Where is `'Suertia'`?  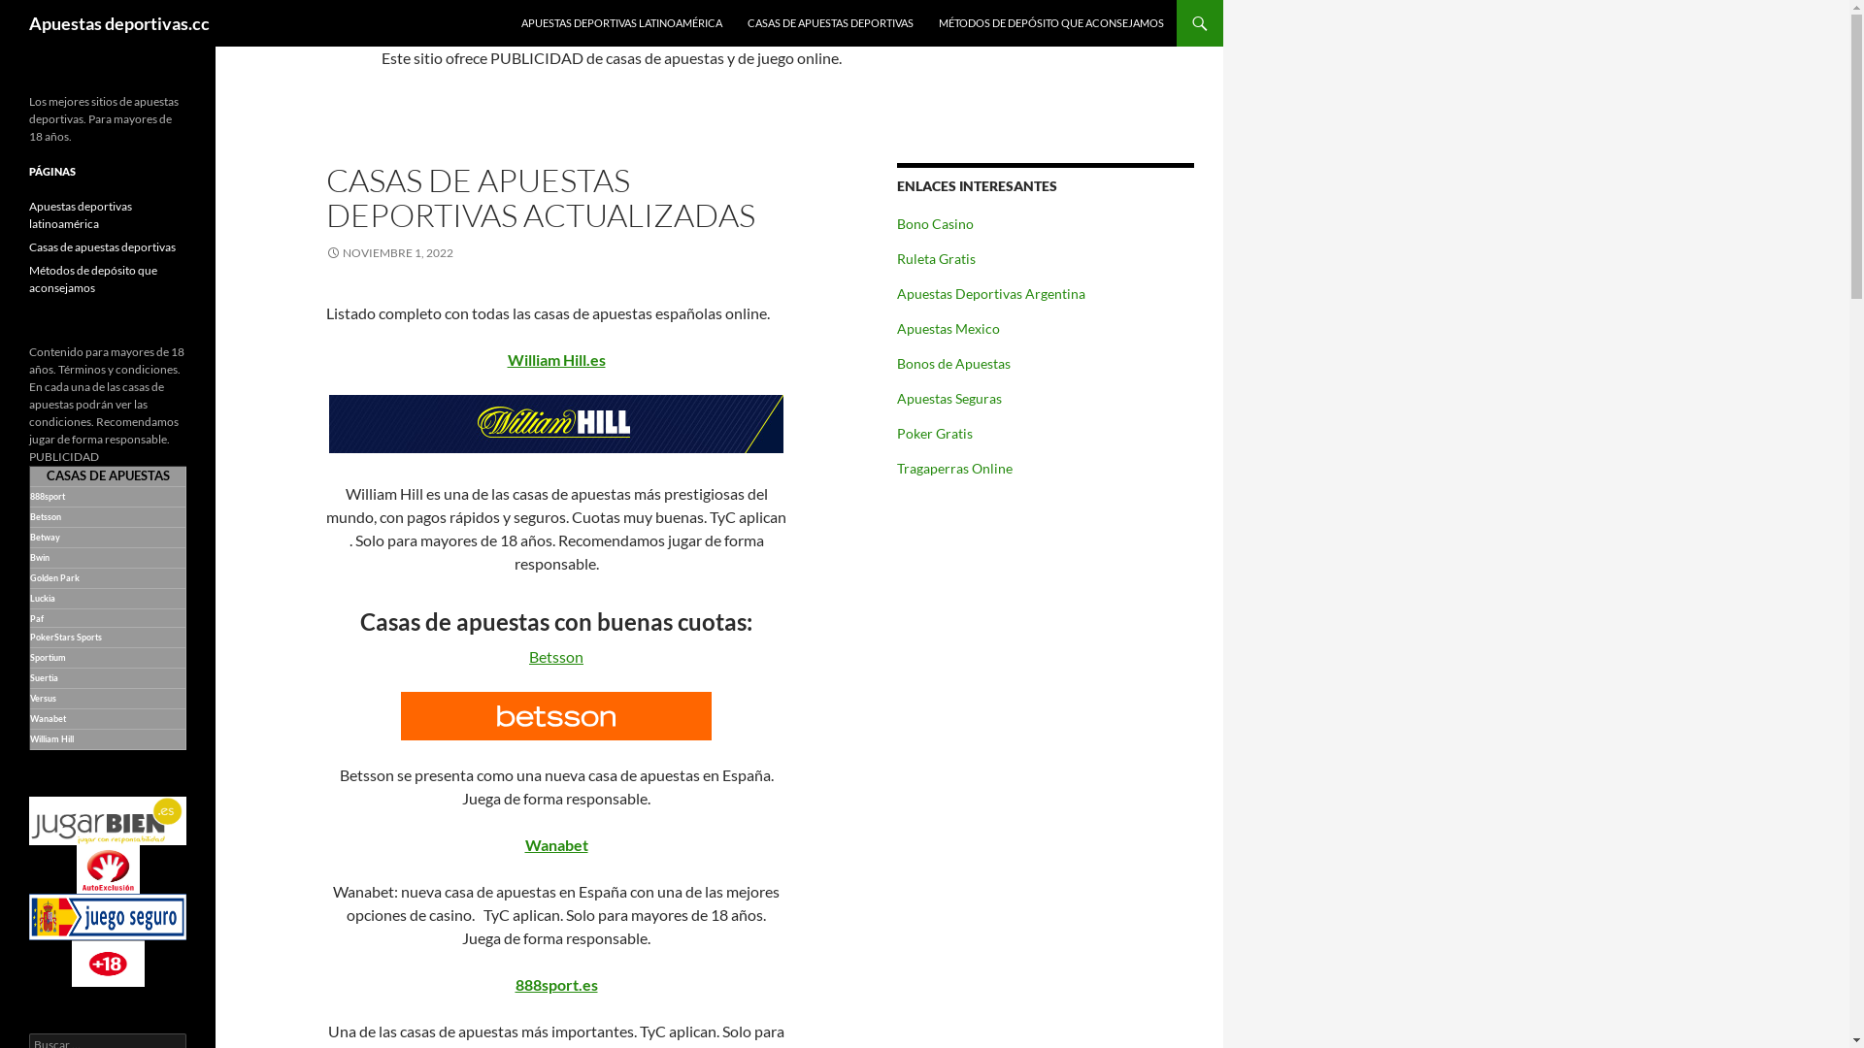
'Suertia' is located at coordinates (44, 675).